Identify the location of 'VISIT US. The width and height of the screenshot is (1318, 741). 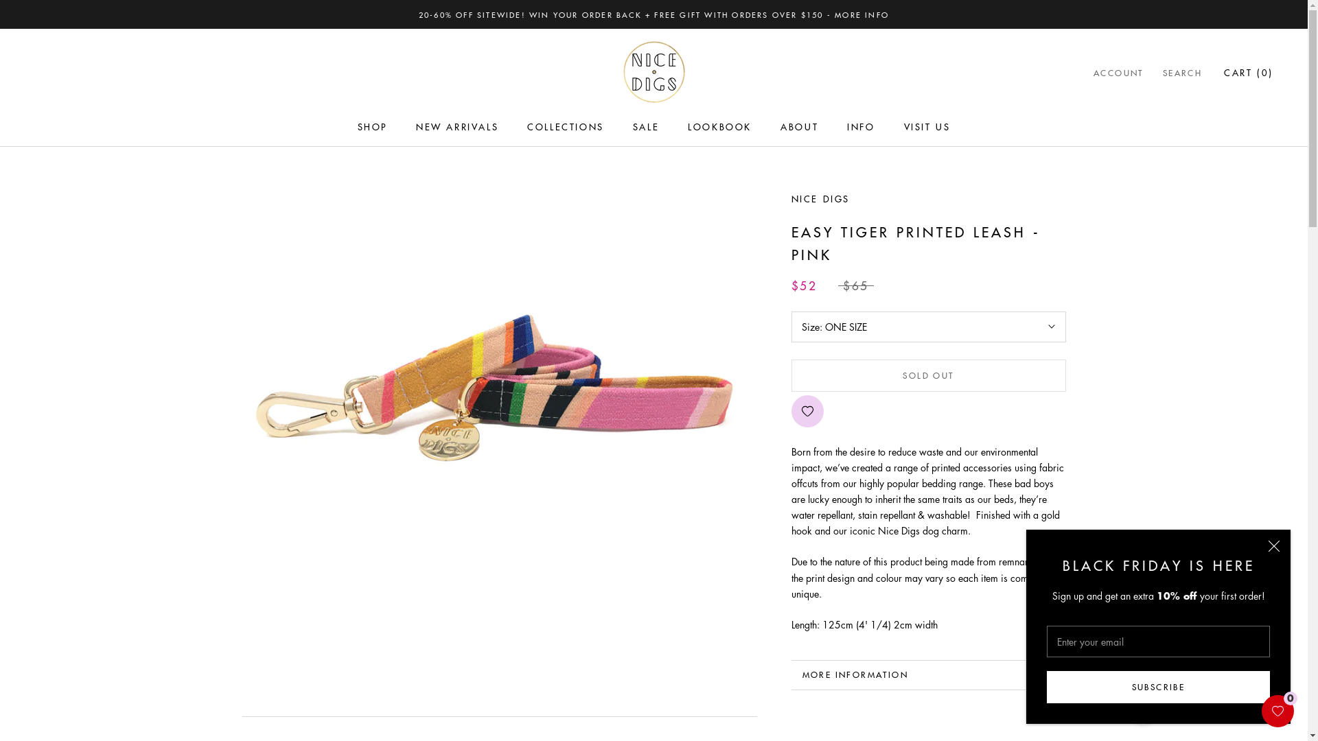
(903, 126).